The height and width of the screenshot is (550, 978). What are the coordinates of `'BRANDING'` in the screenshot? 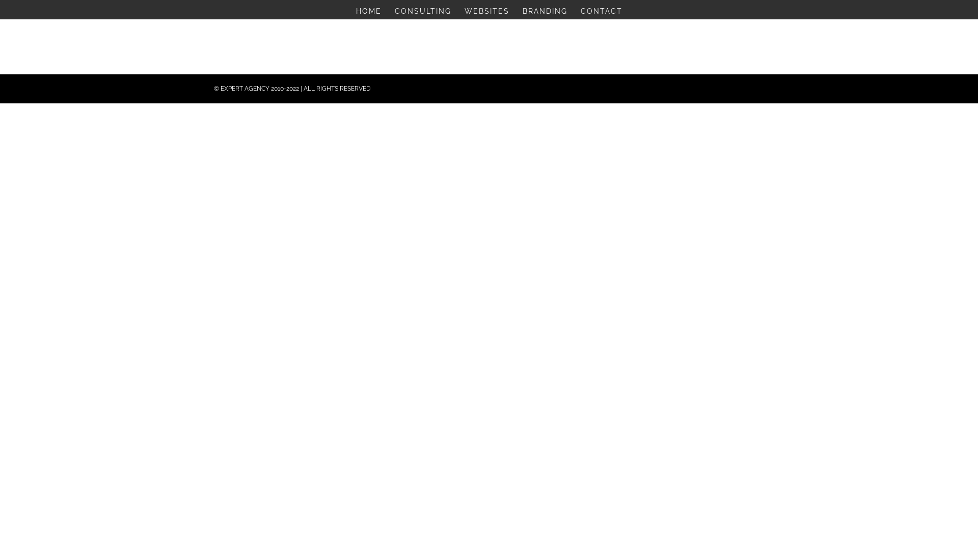 It's located at (545, 13).